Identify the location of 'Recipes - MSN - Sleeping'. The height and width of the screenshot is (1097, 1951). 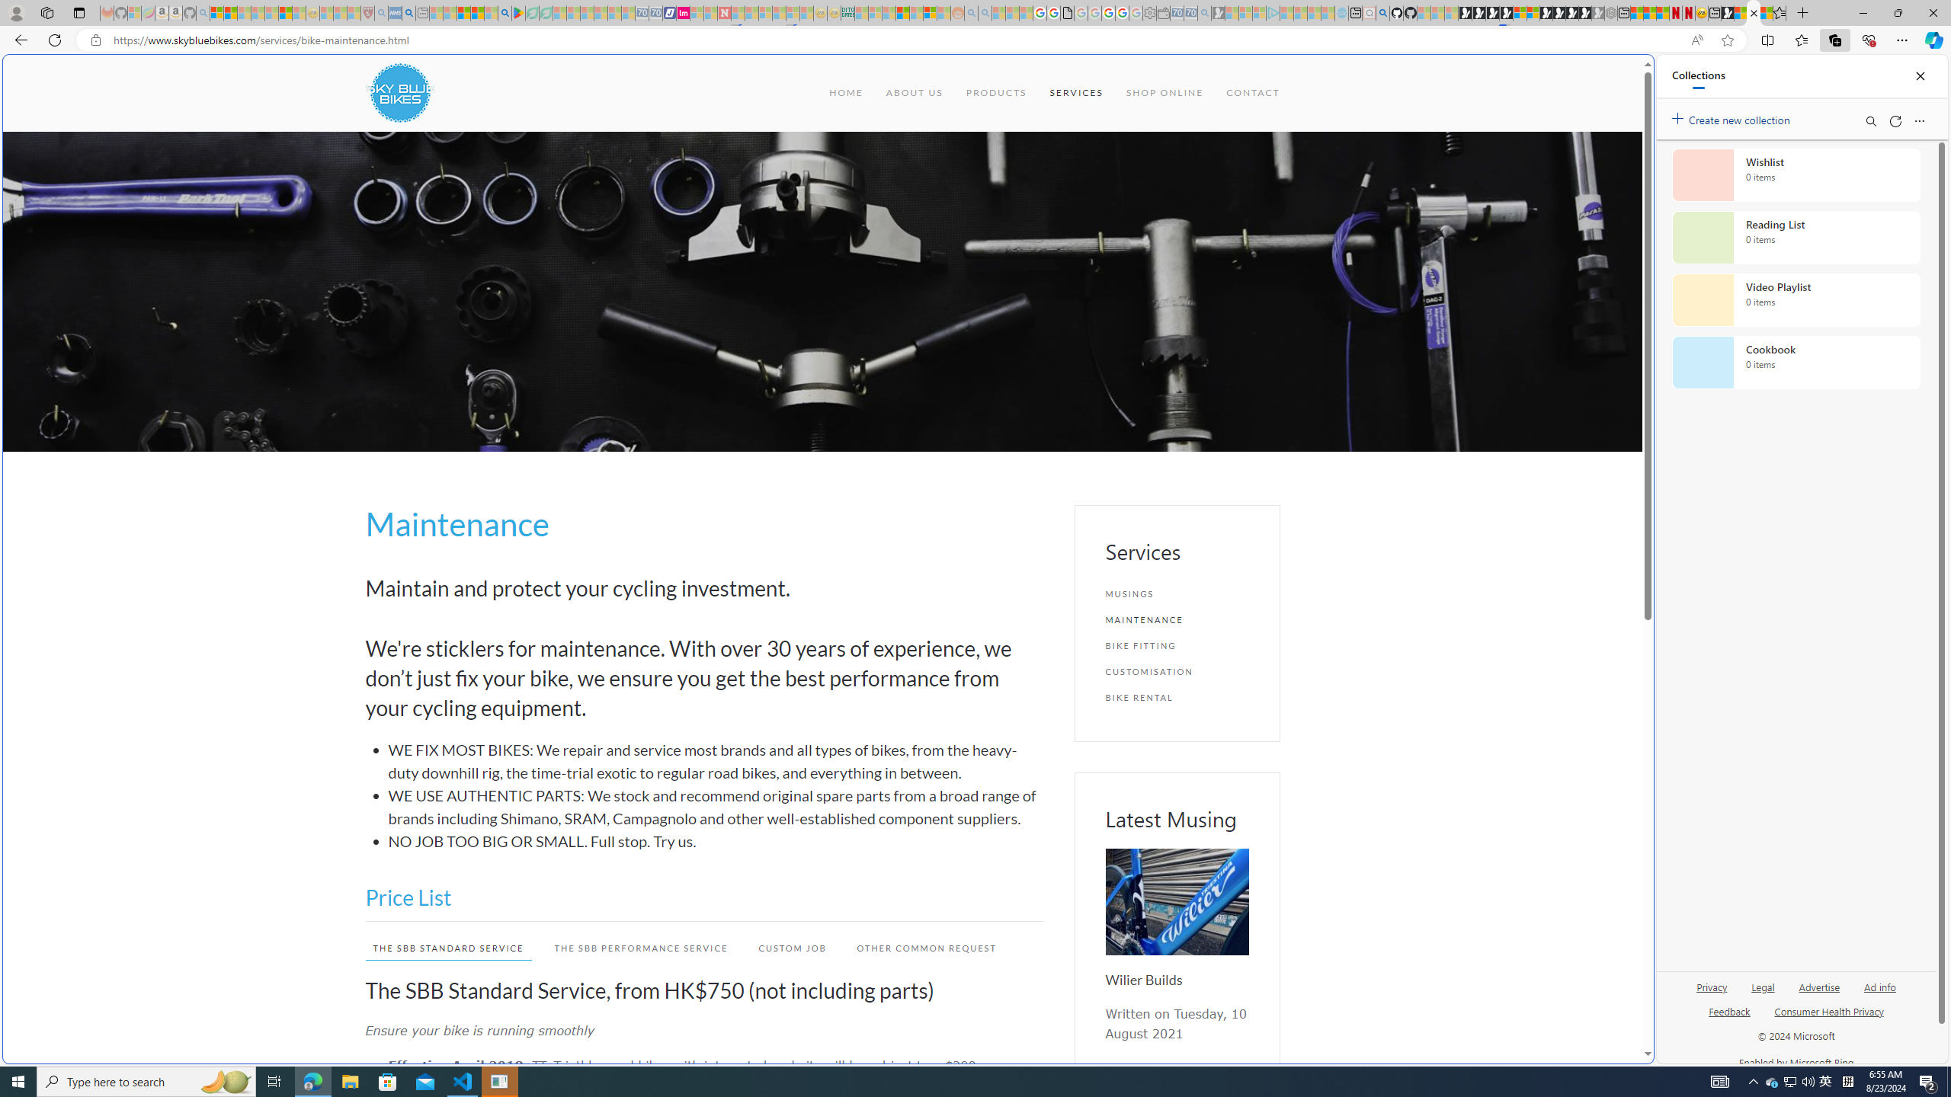
(326, 12).